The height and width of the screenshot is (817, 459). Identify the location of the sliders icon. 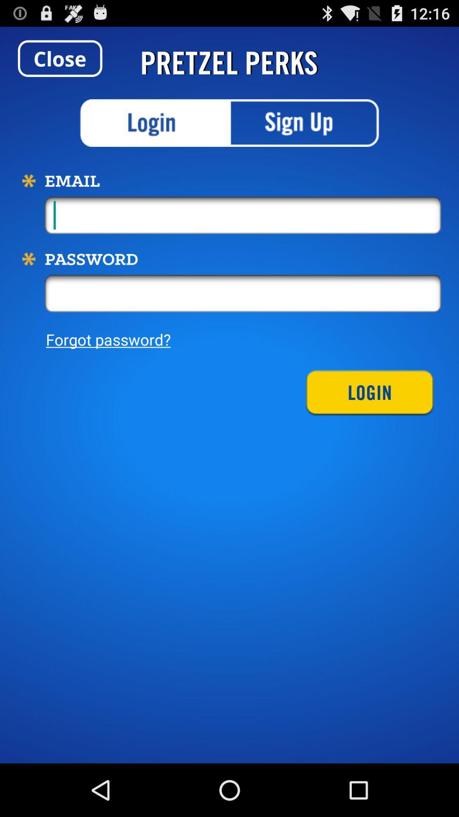
(155, 131).